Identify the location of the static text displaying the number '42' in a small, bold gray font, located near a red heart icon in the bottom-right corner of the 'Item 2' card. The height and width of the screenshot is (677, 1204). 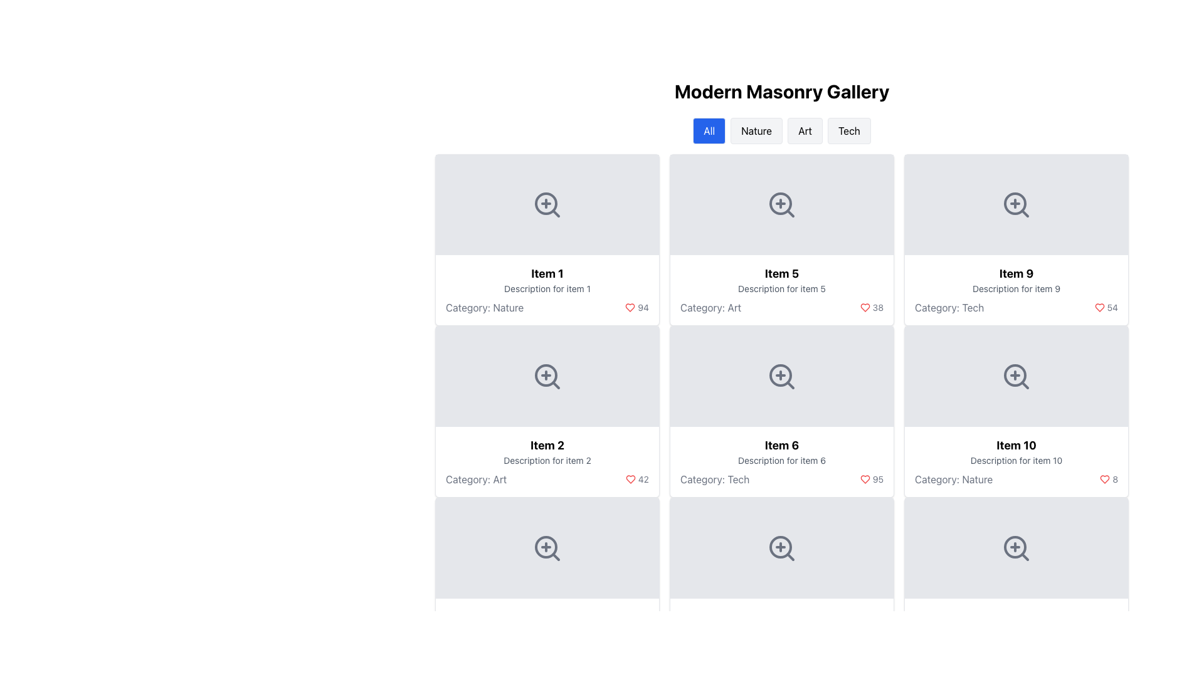
(643, 479).